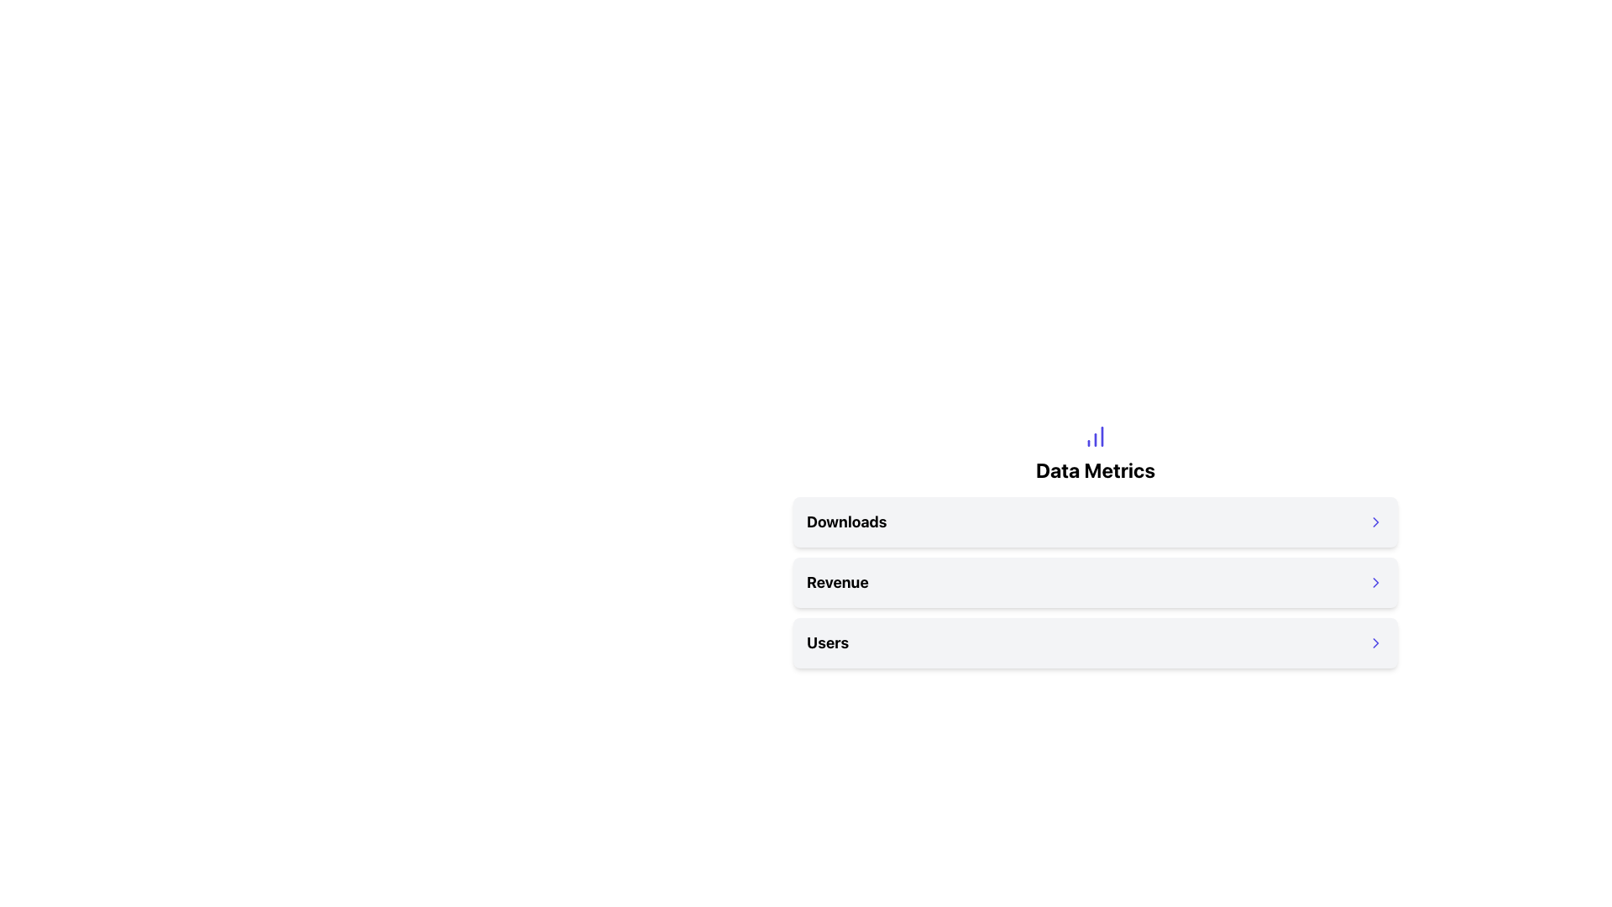  I want to click on the right arrow button, styled in a thin, indigo-colored line, positioned to the far right of the 'Revenue' row, so click(1375, 582).